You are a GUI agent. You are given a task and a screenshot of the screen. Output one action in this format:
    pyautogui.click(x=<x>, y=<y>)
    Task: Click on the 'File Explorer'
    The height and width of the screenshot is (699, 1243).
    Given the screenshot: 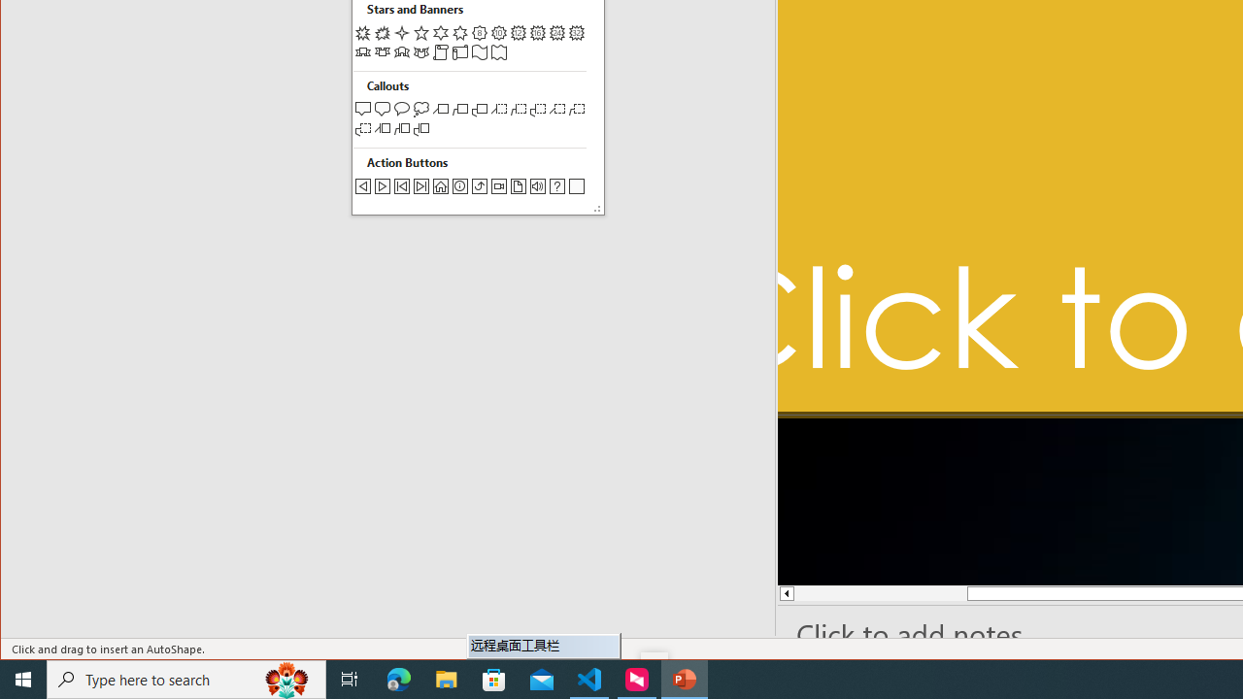 What is the action you would take?
    pyautogui.click(x=446, y=678)
    